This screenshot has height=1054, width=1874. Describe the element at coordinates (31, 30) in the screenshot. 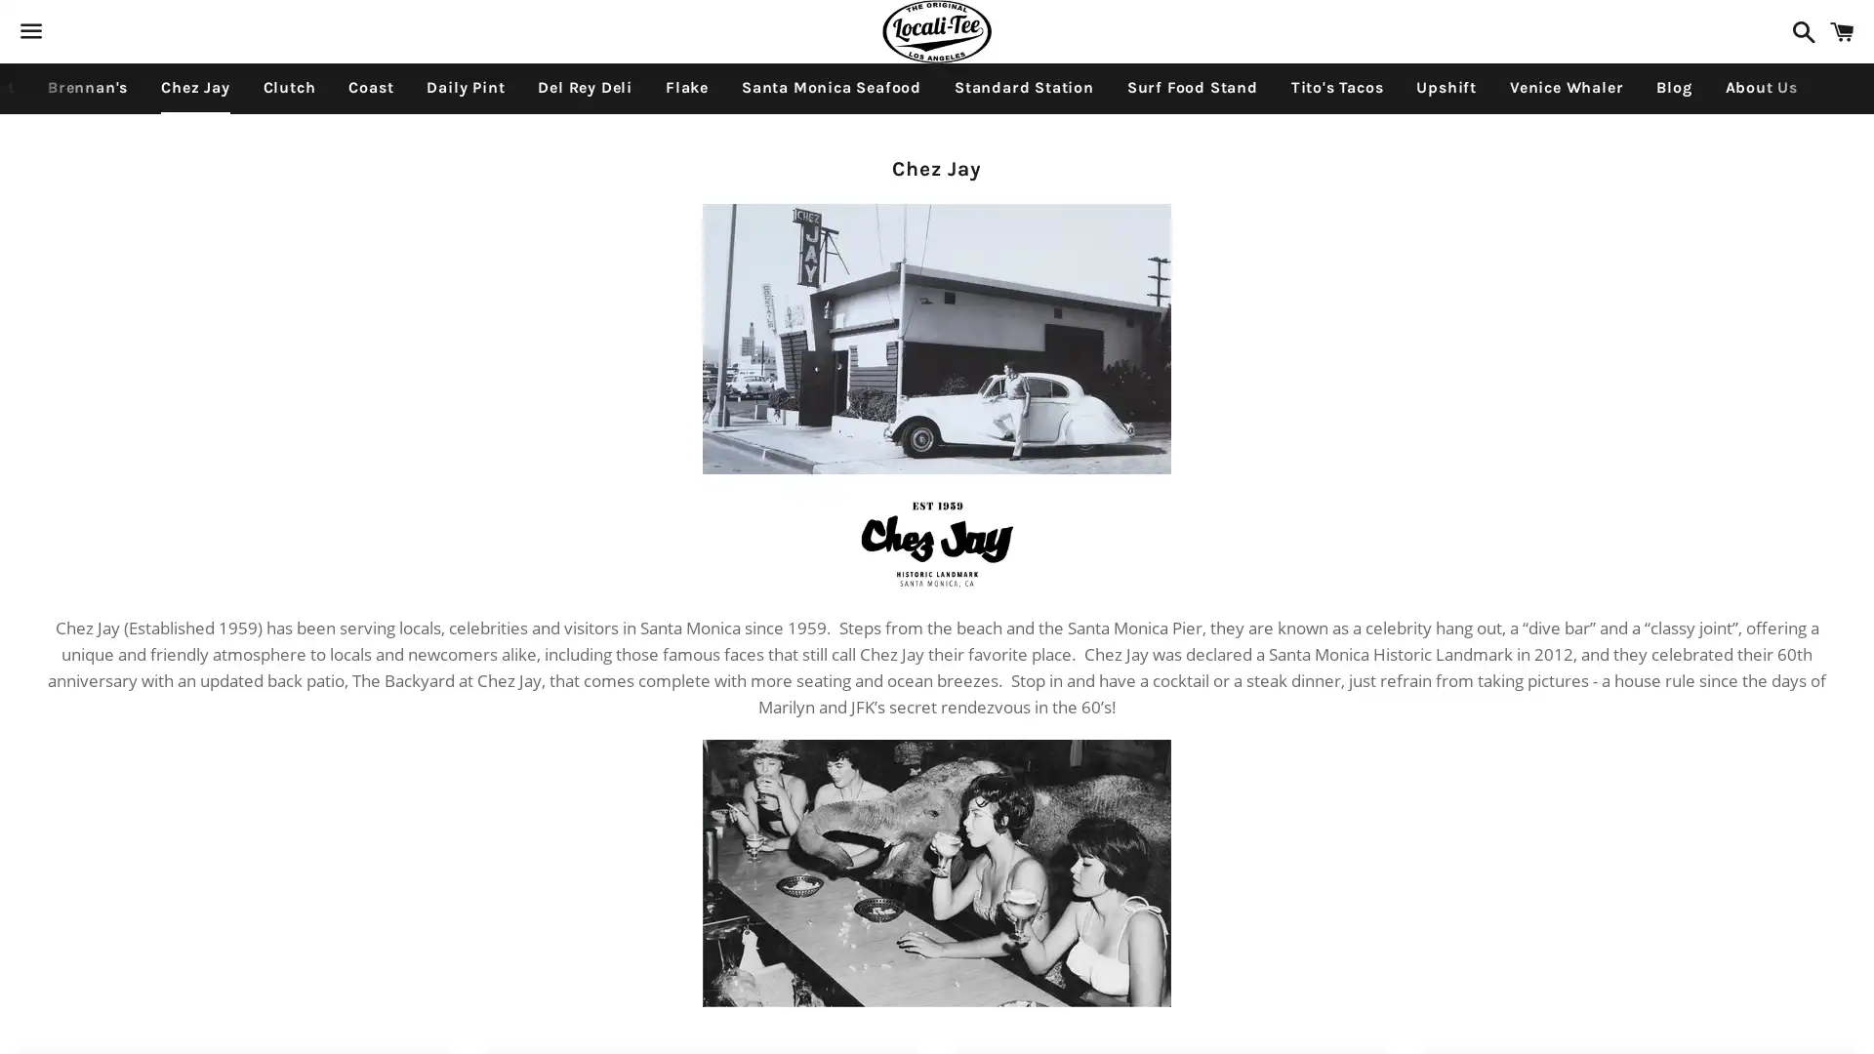

I see `Menu` at that location.